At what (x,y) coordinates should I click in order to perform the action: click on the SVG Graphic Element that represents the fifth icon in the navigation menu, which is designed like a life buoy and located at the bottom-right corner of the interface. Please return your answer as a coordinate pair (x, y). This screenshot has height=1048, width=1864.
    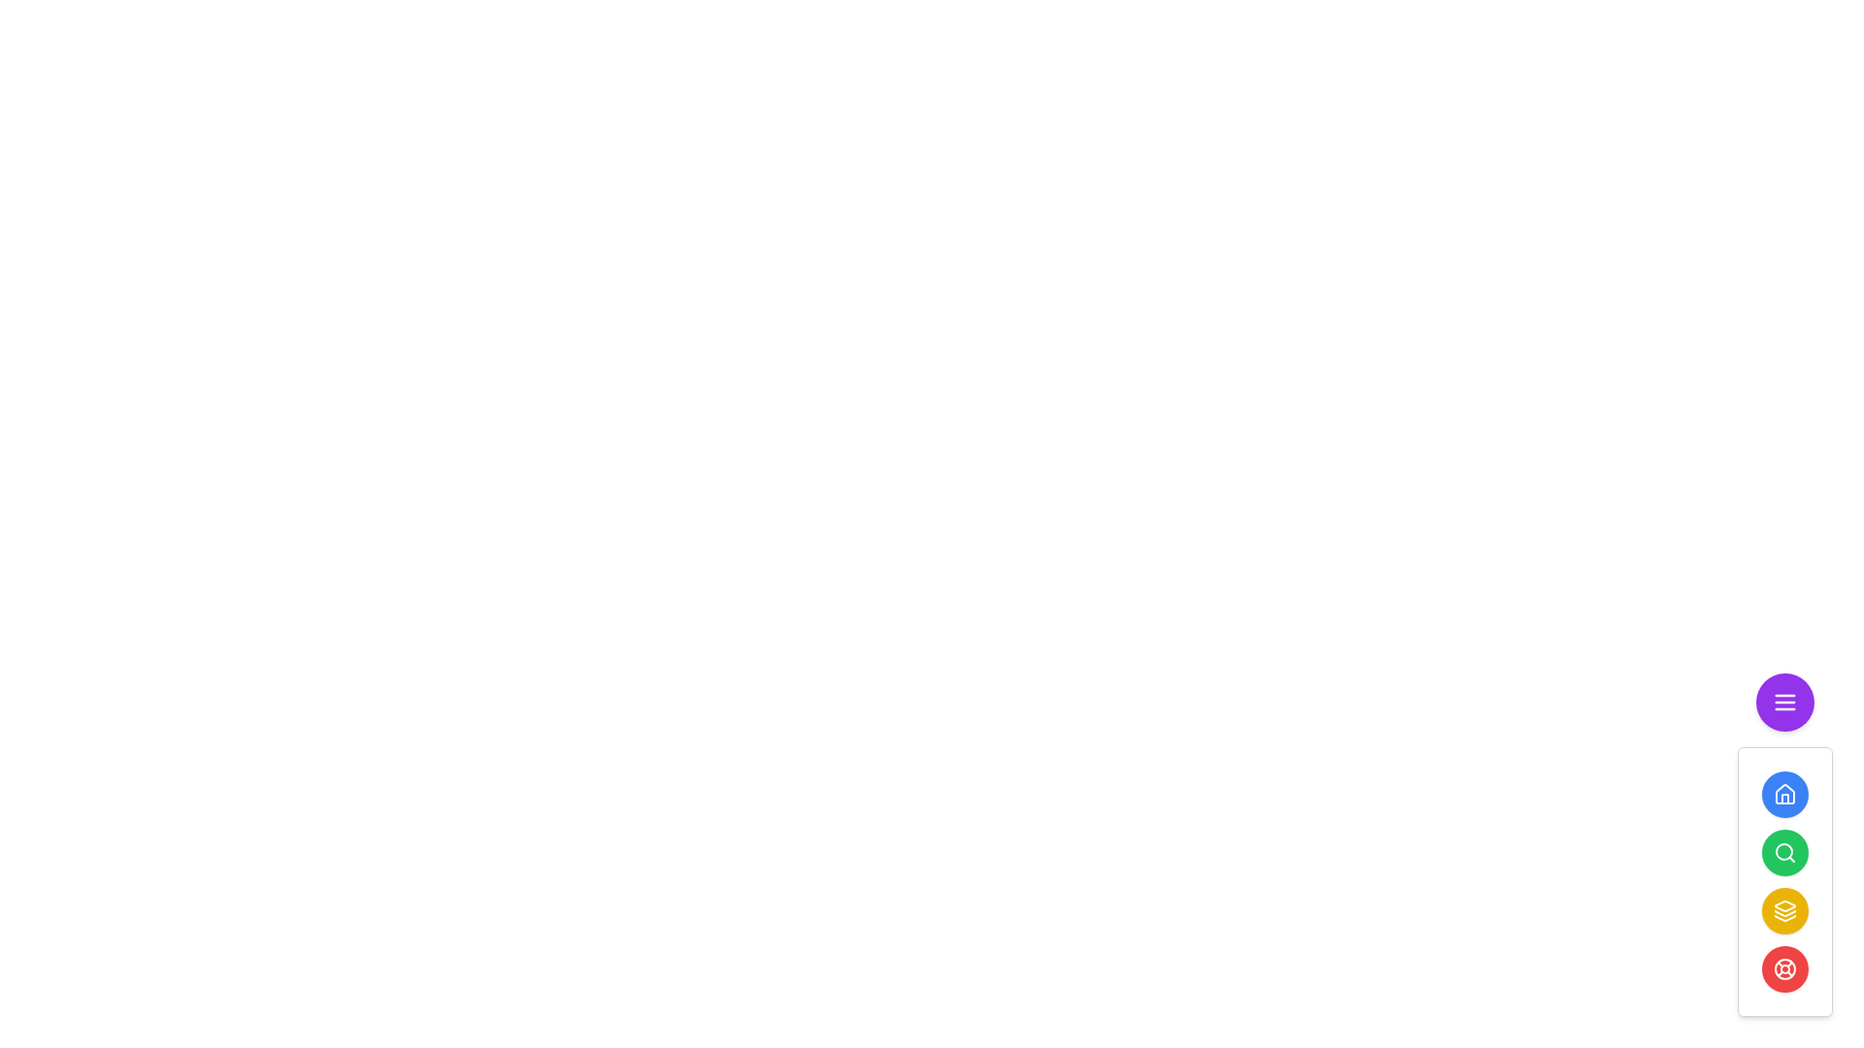
    Looking at the image, I should click on (1784, 969).